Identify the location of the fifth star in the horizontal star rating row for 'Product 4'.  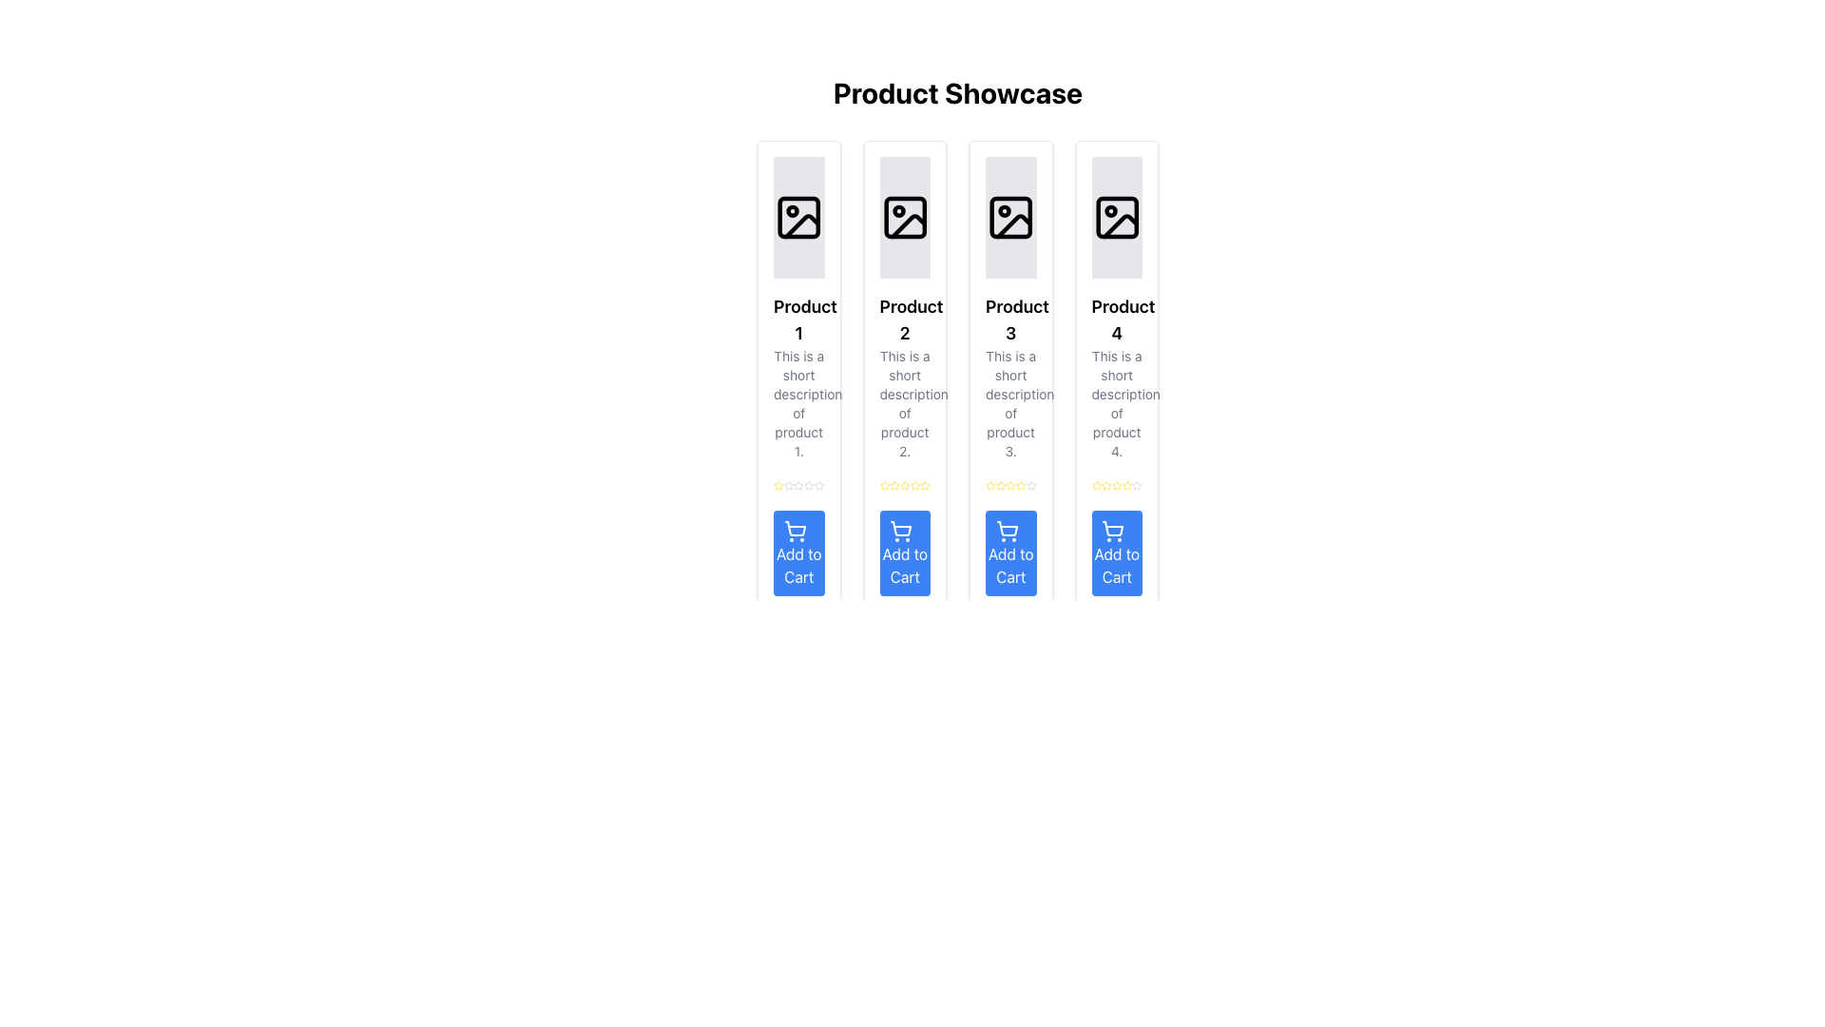
(1137, 484).